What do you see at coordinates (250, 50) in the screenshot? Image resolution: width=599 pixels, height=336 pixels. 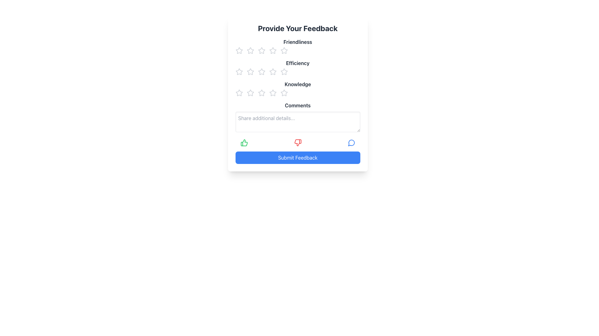 I see `the second star-shaped icon in the 'Friendliness' rating row, which is styled in gray and indicates a rating feature` at bounding box center [250, 50].